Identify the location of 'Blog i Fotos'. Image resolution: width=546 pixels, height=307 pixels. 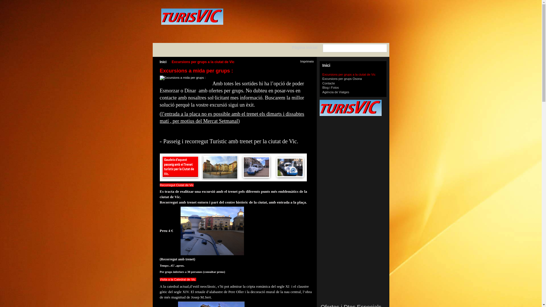
(330, 88).